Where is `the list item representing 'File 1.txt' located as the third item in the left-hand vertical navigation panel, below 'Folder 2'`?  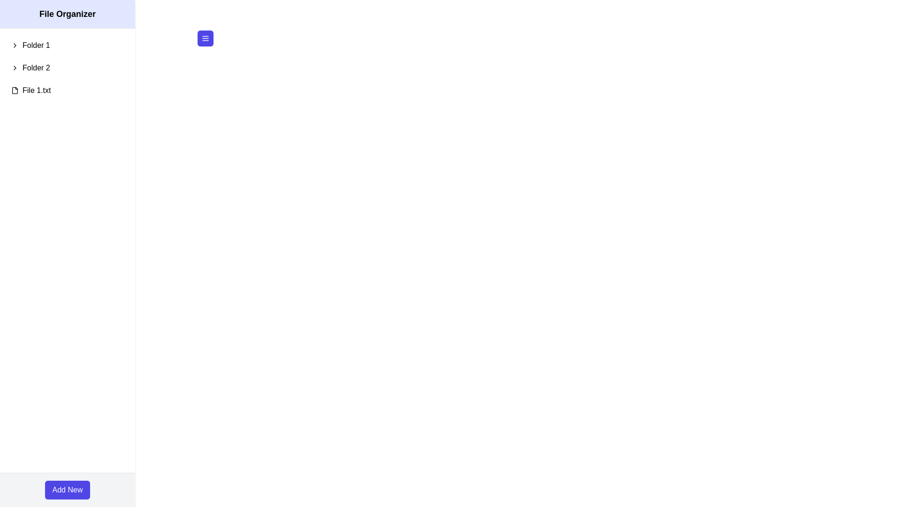
the list item representing 'File 1.txt' located as the third item in the left-hand vertical navigation panel, below 'Folder 2' is located at coordinates (67, 90).